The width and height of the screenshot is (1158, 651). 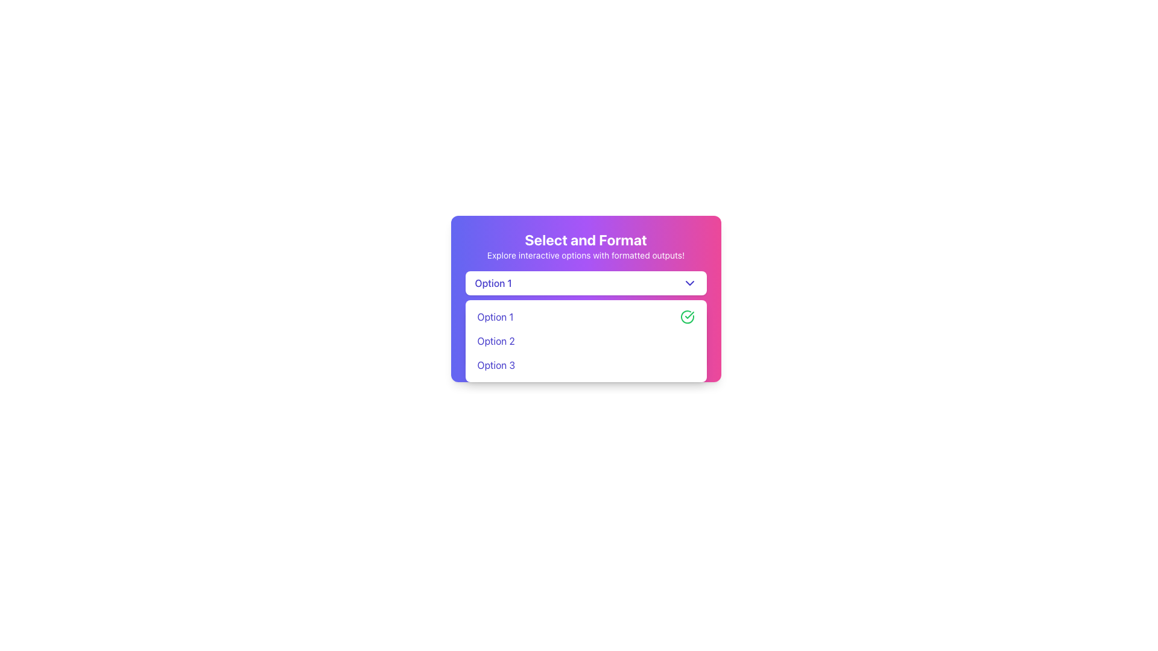 I want to click on the Dropdown Menu located, so click(x=586, y=298).